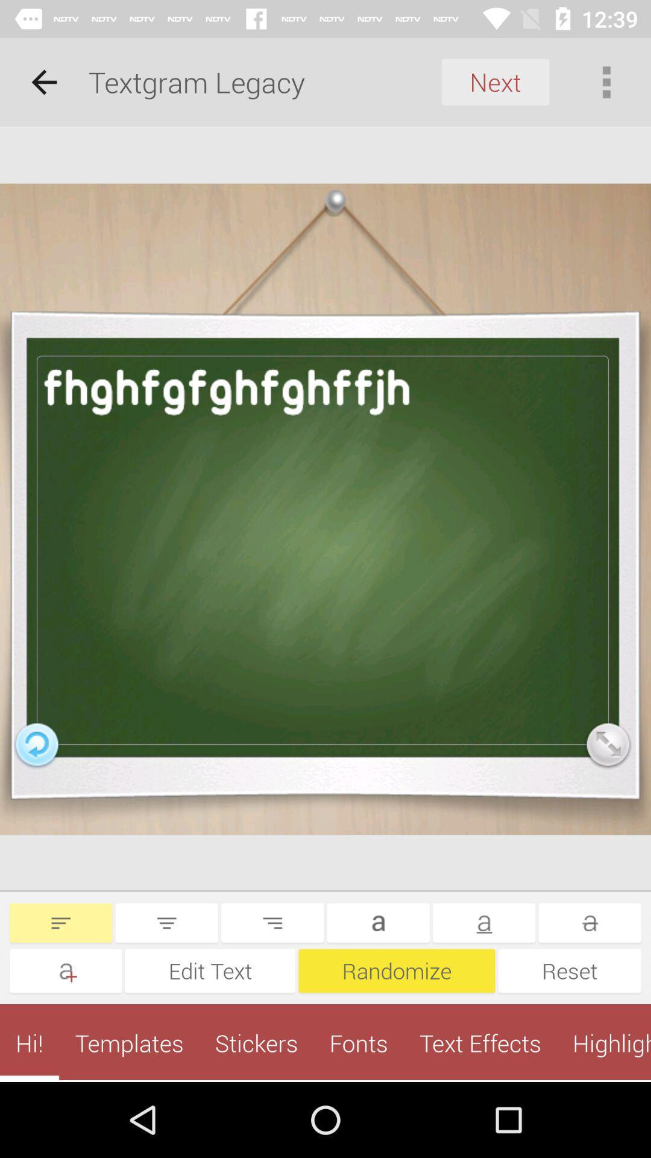 The height and width of the screenshot is (1158, 651). I want to click on underline the letter, so click(483, 922).